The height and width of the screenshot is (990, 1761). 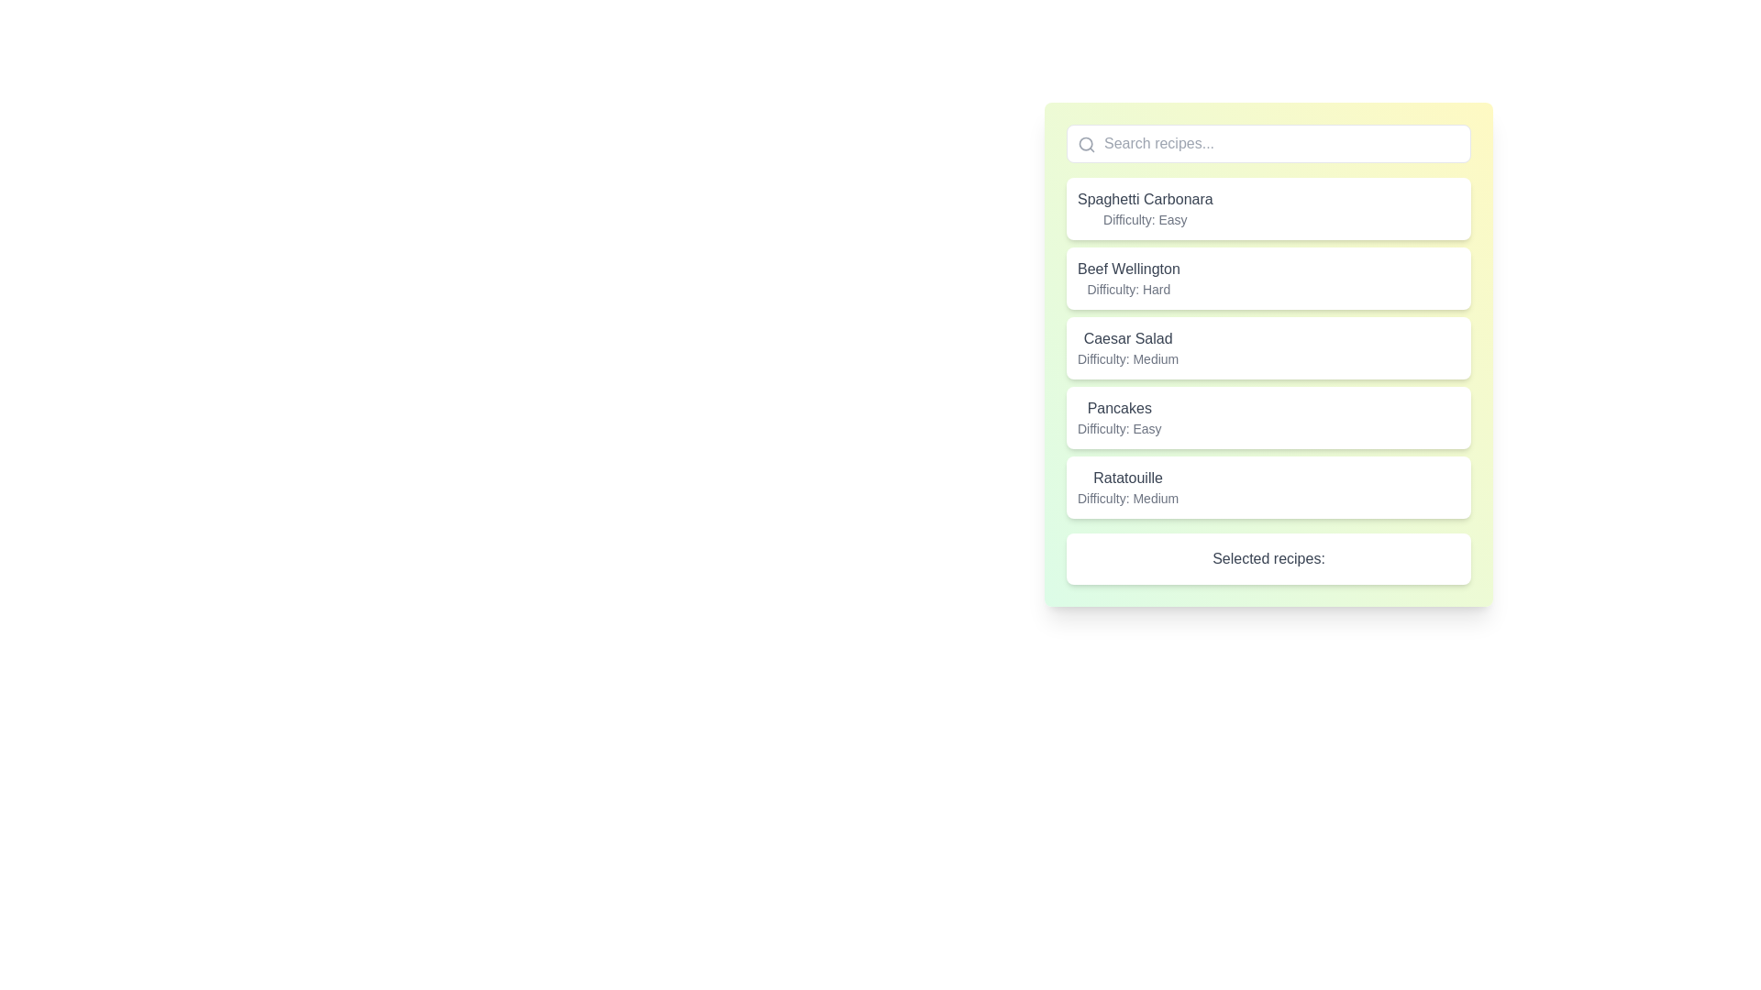 I want to click on the text display area that shows 'Beef Wellington' in a medium-sized font, positioned as the second item in a vertical list of recipe entries within a white, rounded rectangle widget, so click(x=1127, y=279).